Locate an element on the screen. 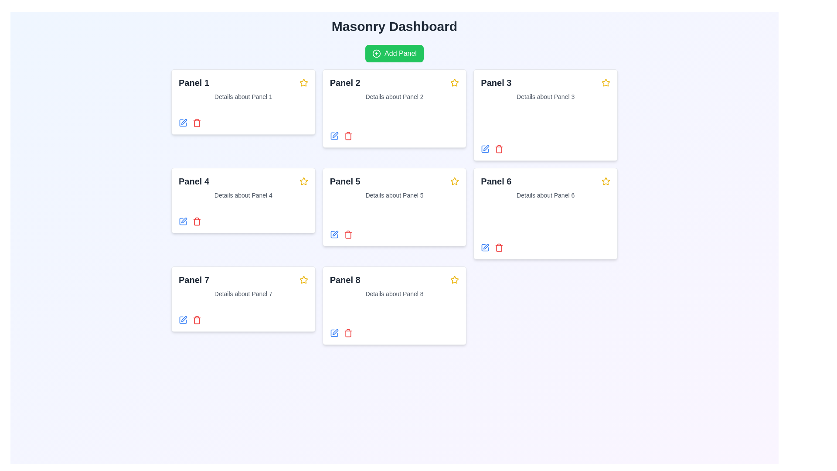  the edit icon button located in the footer of 'Panel 8' to initiate editing functionality is located at coordinates (333, 333).